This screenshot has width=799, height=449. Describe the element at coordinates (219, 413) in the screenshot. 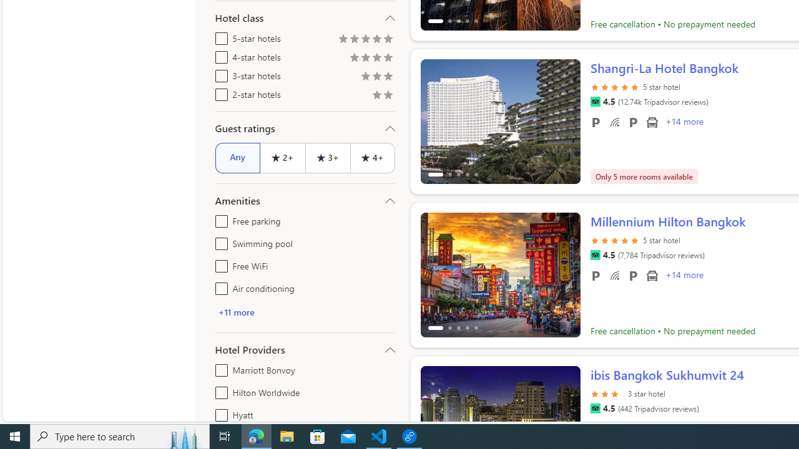

I see `'Hyatt'` at that location.